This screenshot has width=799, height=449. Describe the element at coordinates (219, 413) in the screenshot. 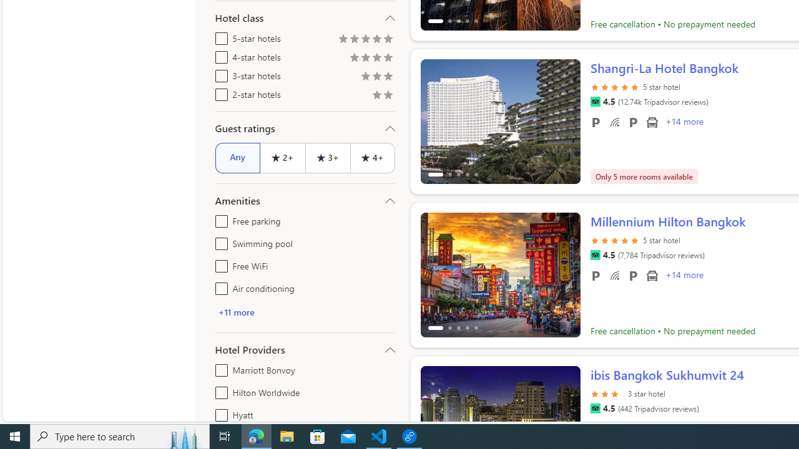

I see `'Hyatt'` at that location.